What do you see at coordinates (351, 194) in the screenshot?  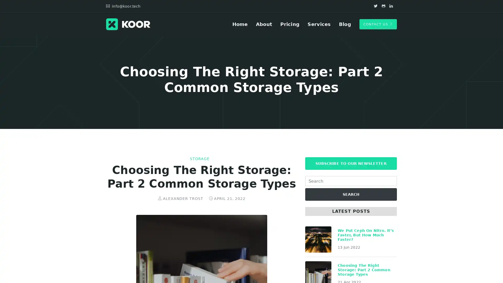 I see `SEARCH` at bounding box center [351, 194].